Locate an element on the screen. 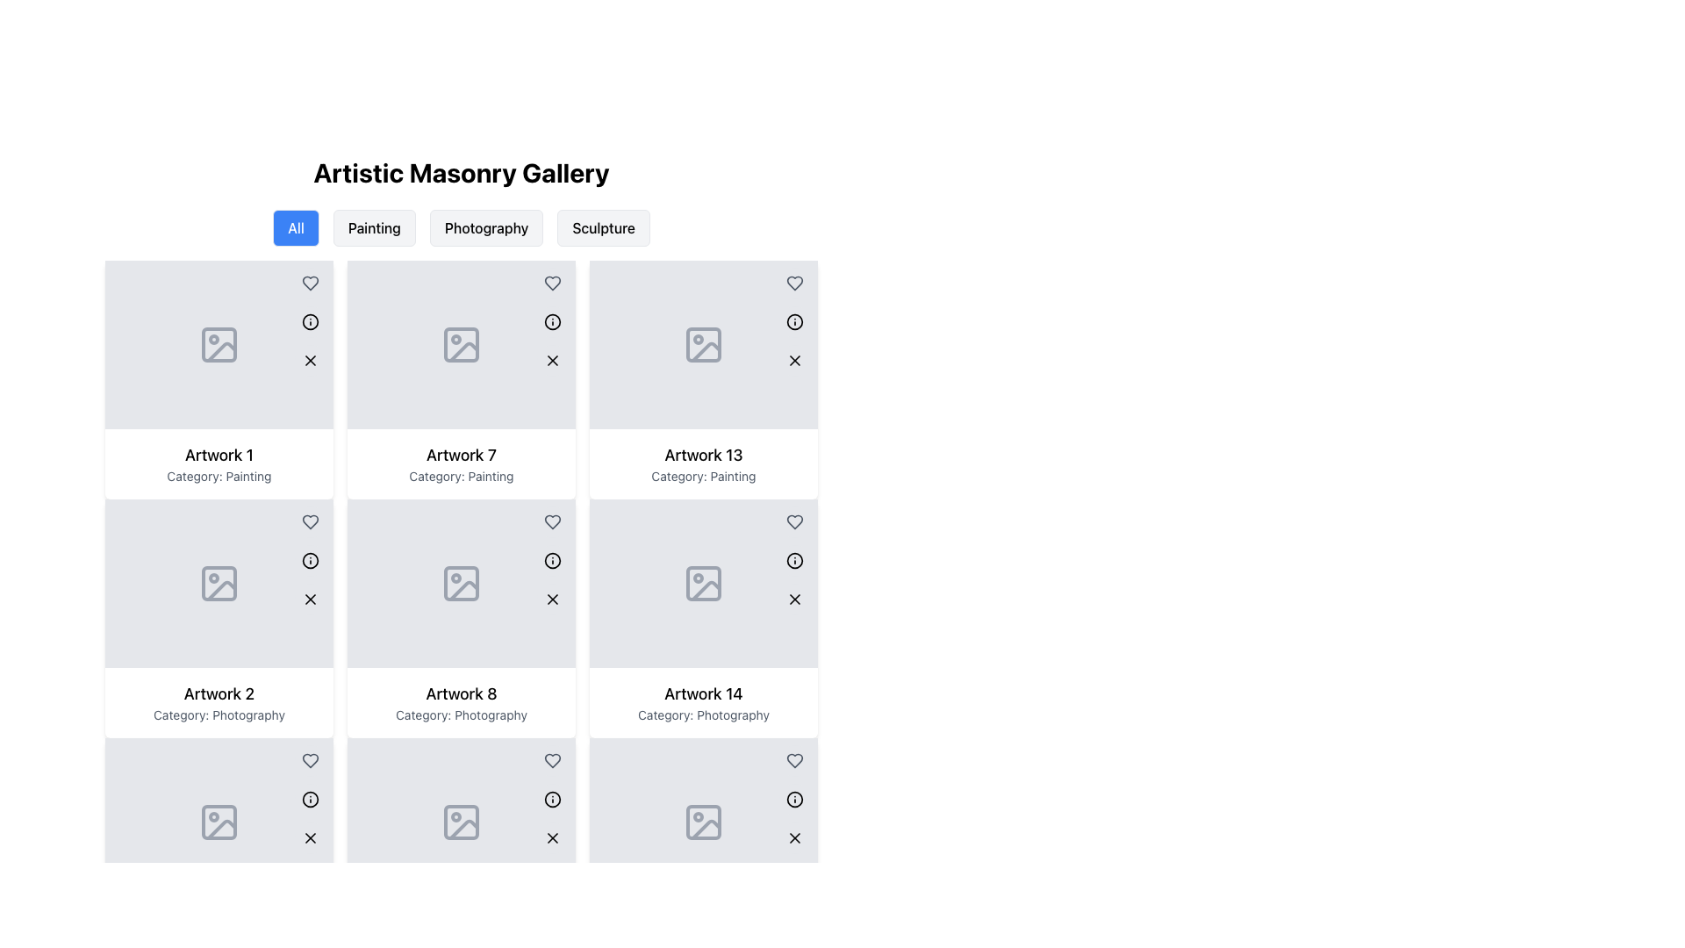 This screenshot has height=948, width=1685. the text label that categorizes the associated artwork, located below the 'Artwork 1' text in the first column of the artwork grid is located at coordinates (218, 477).